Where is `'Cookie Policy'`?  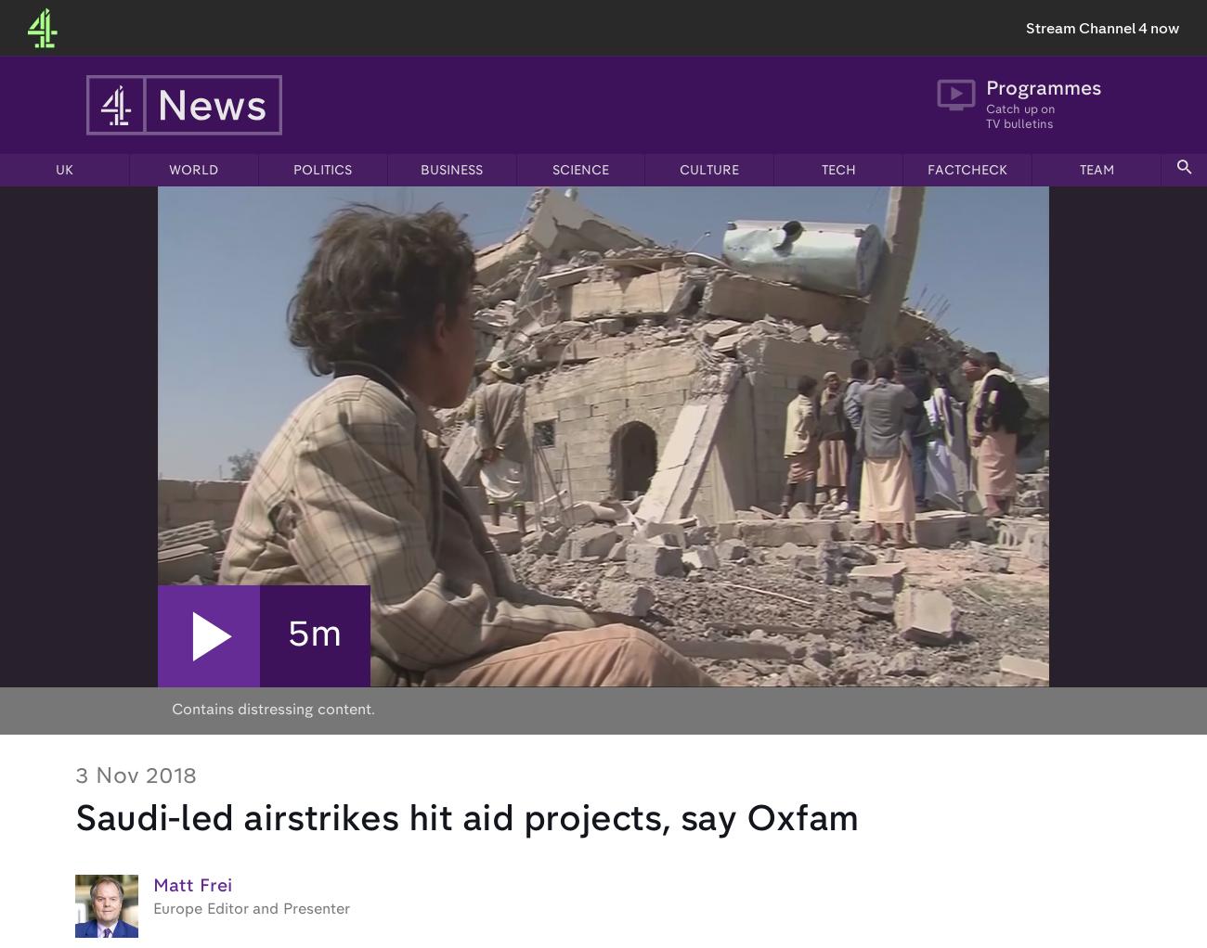 'Cookie Policy' is located at coordinates (194, 806).